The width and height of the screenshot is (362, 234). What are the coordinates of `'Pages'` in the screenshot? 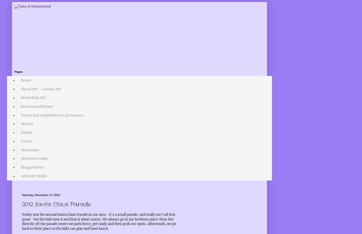 It's located at (18, 71).